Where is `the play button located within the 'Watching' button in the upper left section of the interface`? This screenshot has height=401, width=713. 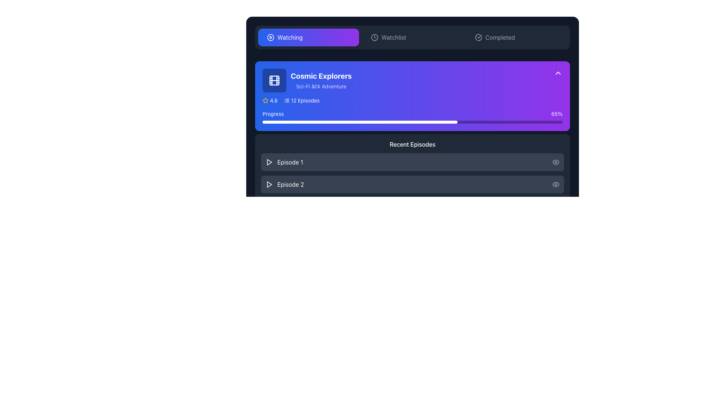
the play button located within the 'Watching' button in the upper left section of the interface is located at coordinates (270, 37).